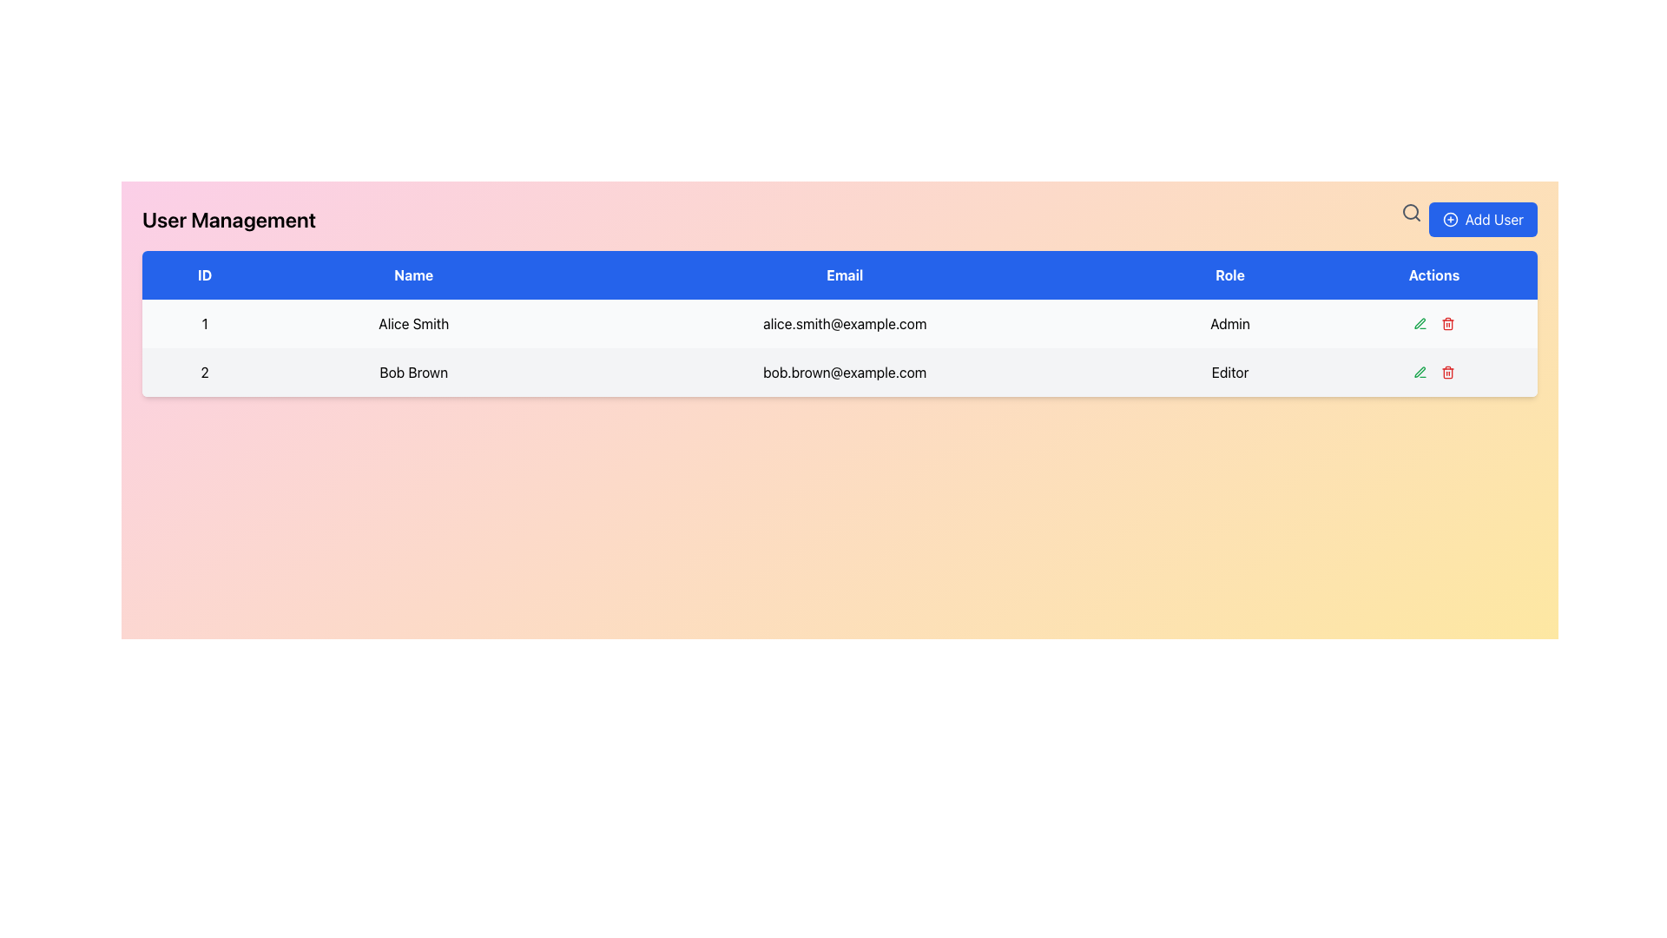  I want to click on the 'Add User' button, so click(1468, 219).